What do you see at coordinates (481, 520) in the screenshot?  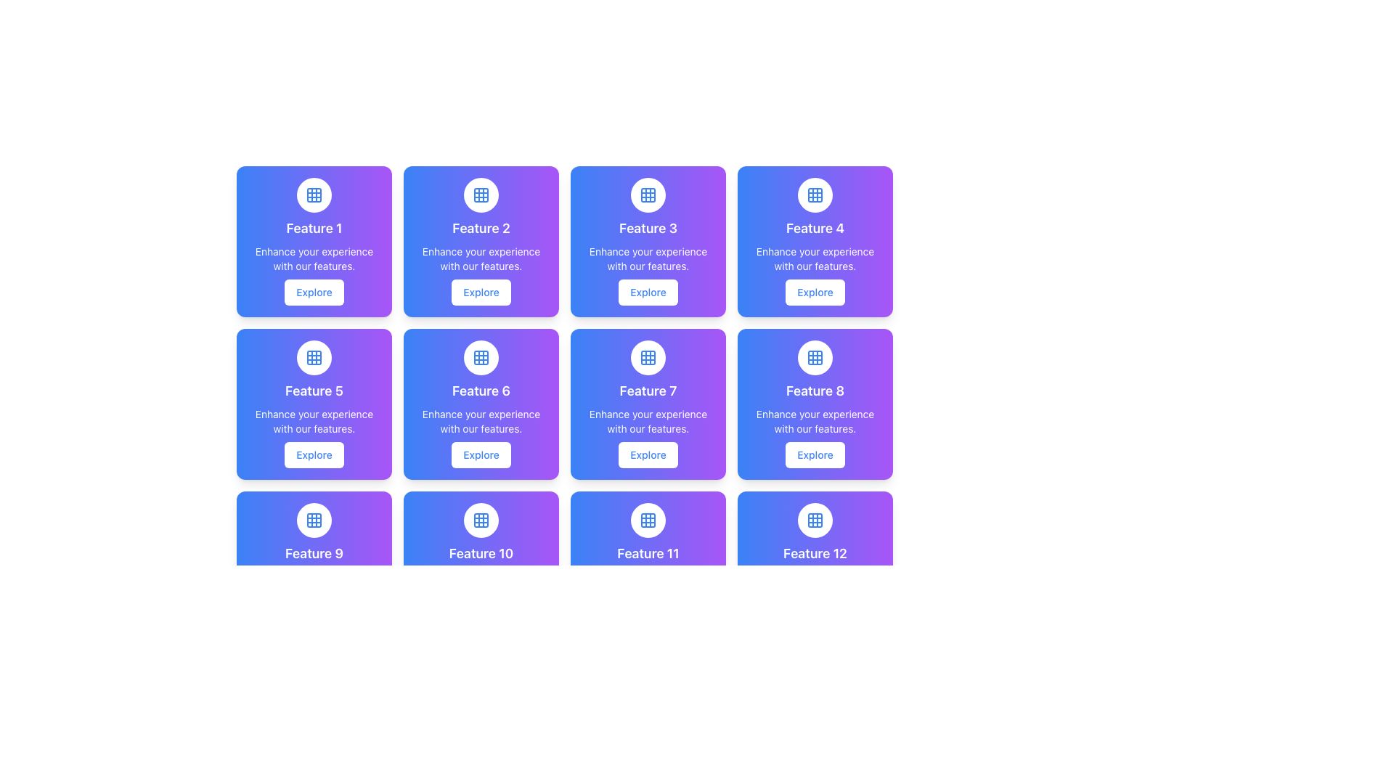 I see `the decorative element that is part of the SVG grid icon located at the top of the 'Feature 10' card, which is the second card in the last row` at bounding box center [481, 520].